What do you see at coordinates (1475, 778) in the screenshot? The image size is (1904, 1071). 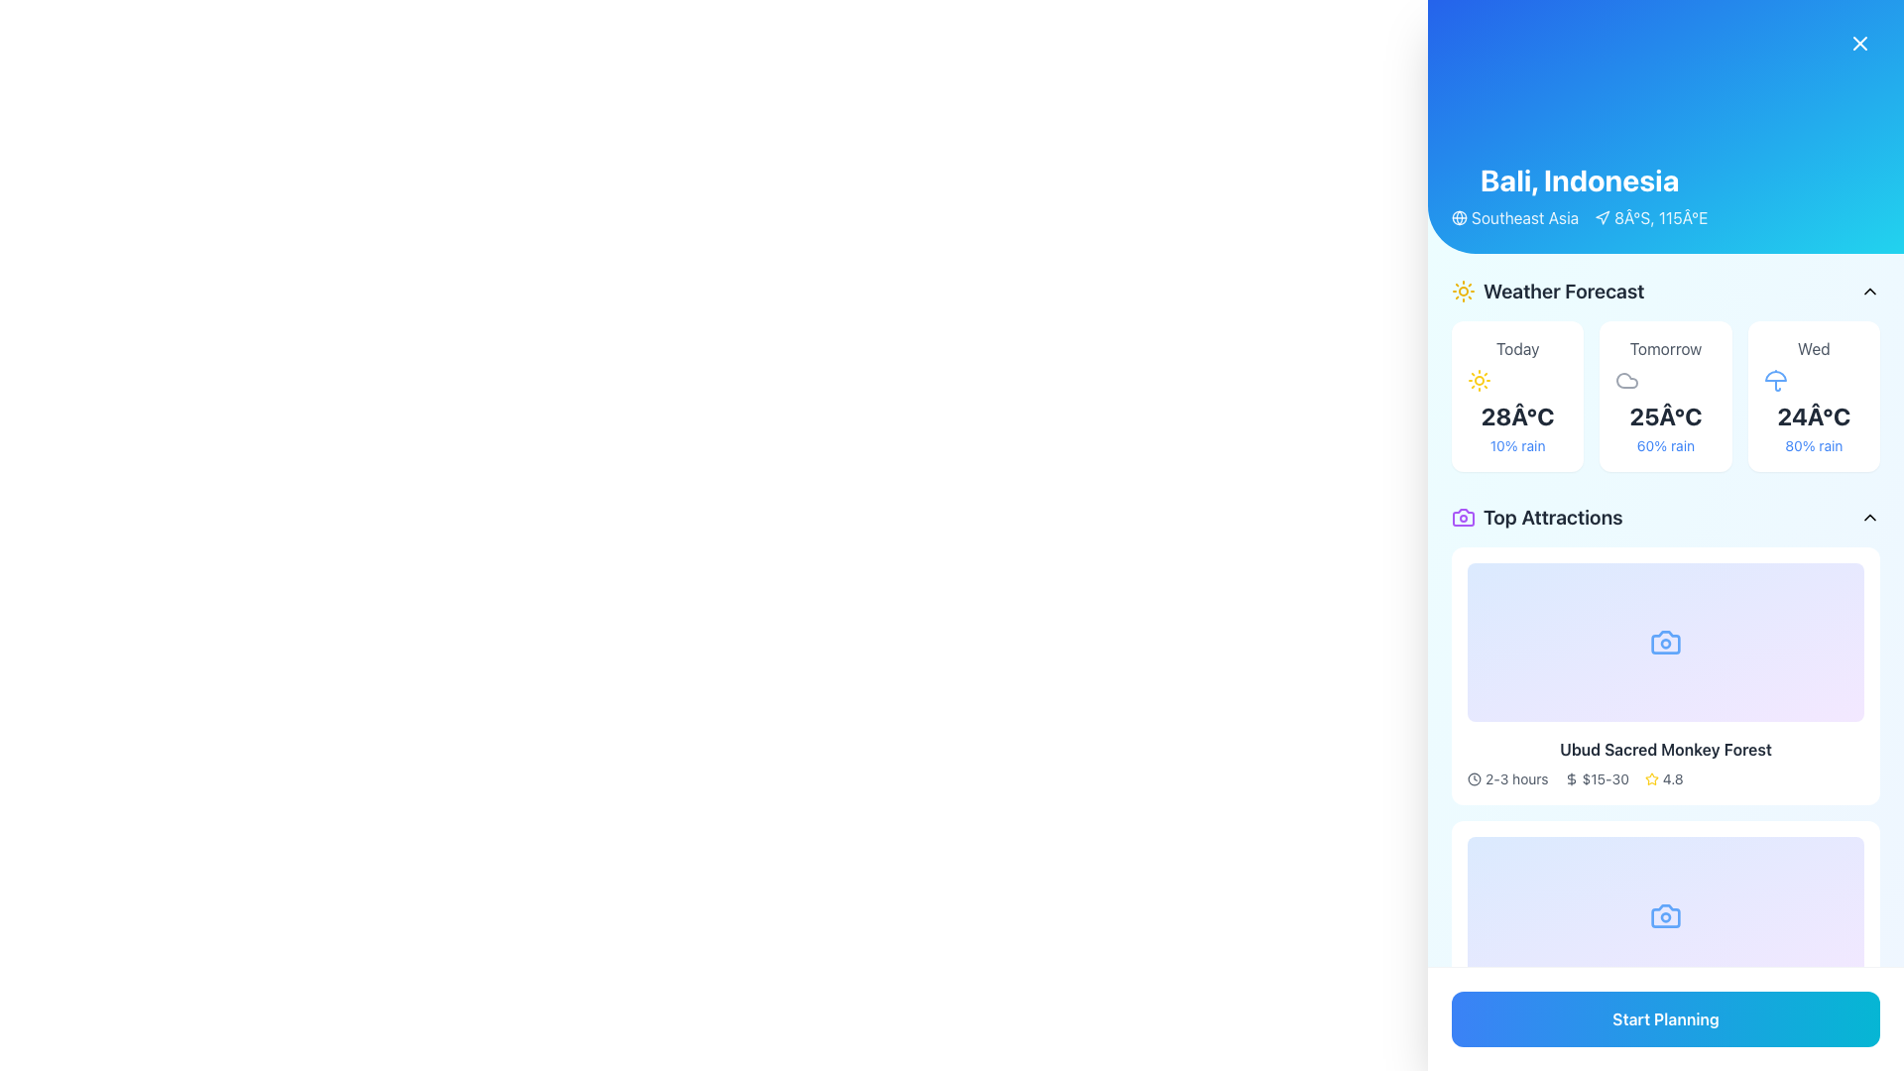 I see `the clock icon, which is a small vector graphic with a circular outline and clock hands, located in the 'Top Attractions' section to the left of the text '2-3 hours'` at bounding box center [1475, 778].